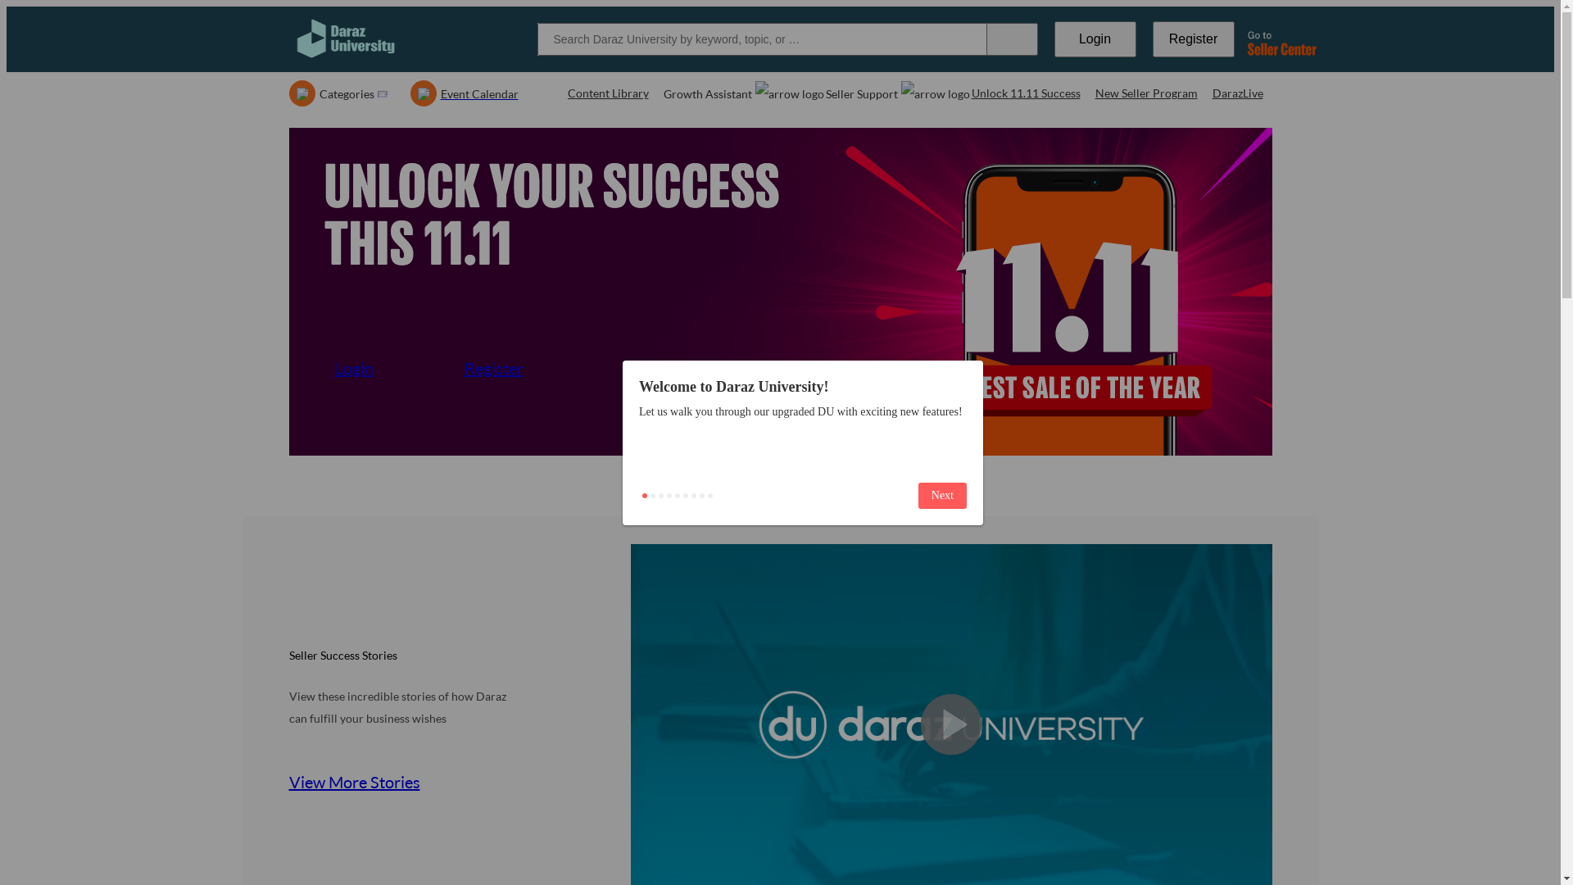 Image resolution: width=1573 pixels, height=885 pixels. I want to click on 'Seller Support', so click(826, 93).